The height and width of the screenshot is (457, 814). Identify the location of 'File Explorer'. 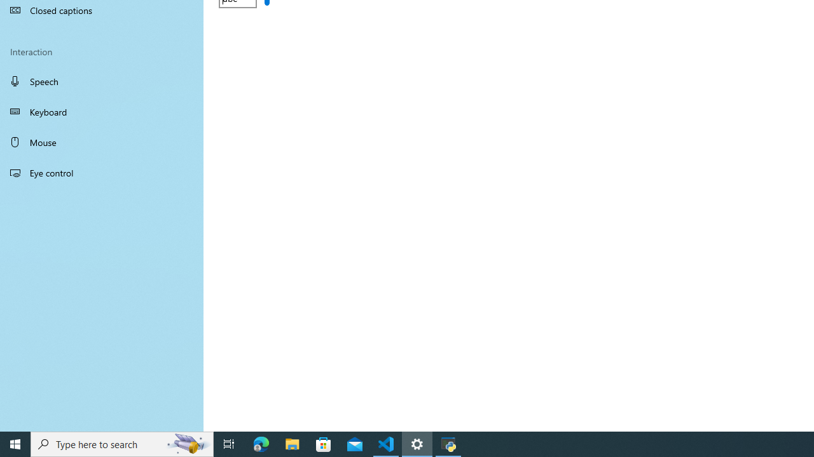
(292, 443).